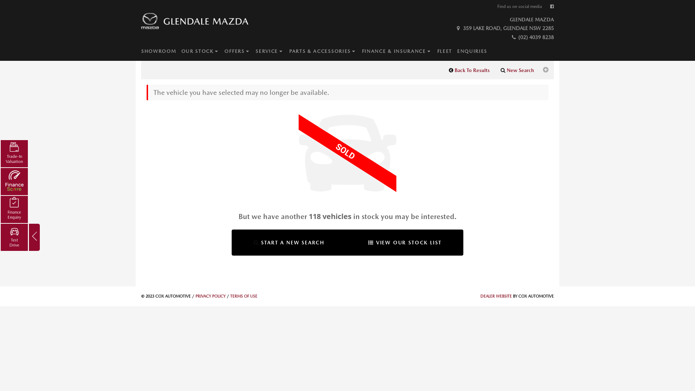  Describe the element at coordinates (14, 153) in the screenshot. I see `'Trade-In` at that location.